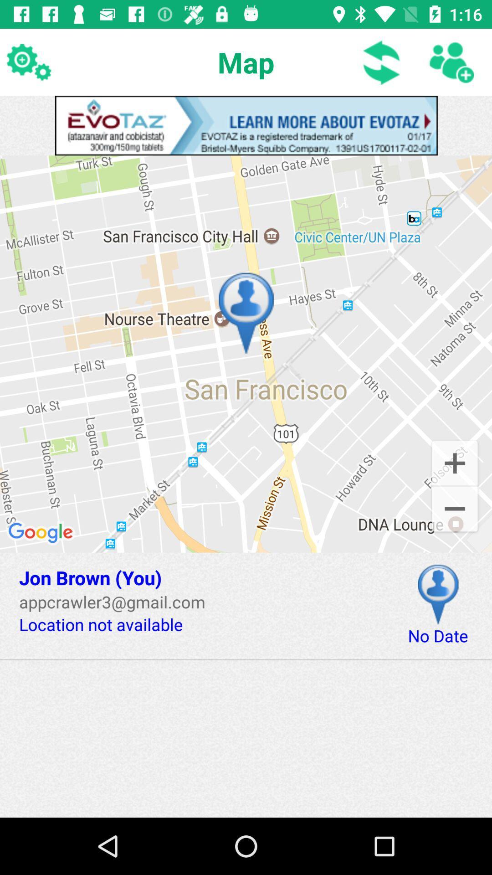  What do you see at coordinates (451, 62) in the screenshot?
I see `person` at bounding box center [451, 62].